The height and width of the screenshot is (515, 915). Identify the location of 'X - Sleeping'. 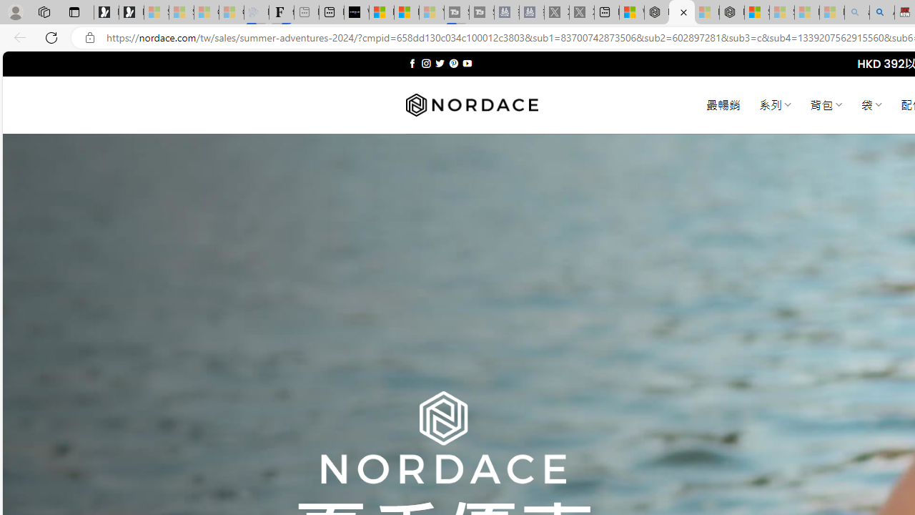
(582, 12).